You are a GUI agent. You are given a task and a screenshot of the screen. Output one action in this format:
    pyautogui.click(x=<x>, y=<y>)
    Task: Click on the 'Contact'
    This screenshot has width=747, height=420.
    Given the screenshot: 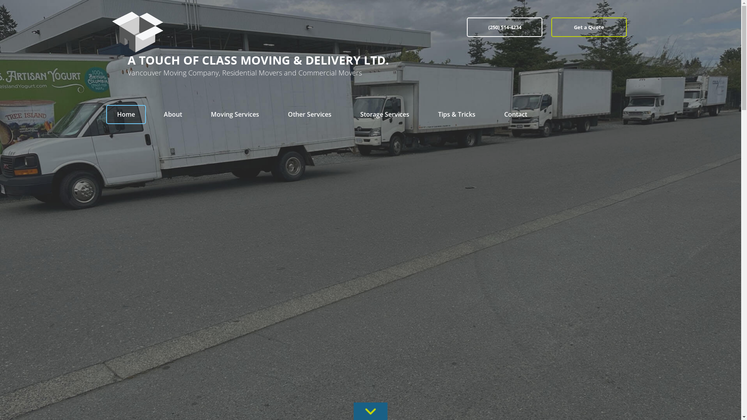 What is the action you would take?
    pyautogui.click(x=516, y=114)
    